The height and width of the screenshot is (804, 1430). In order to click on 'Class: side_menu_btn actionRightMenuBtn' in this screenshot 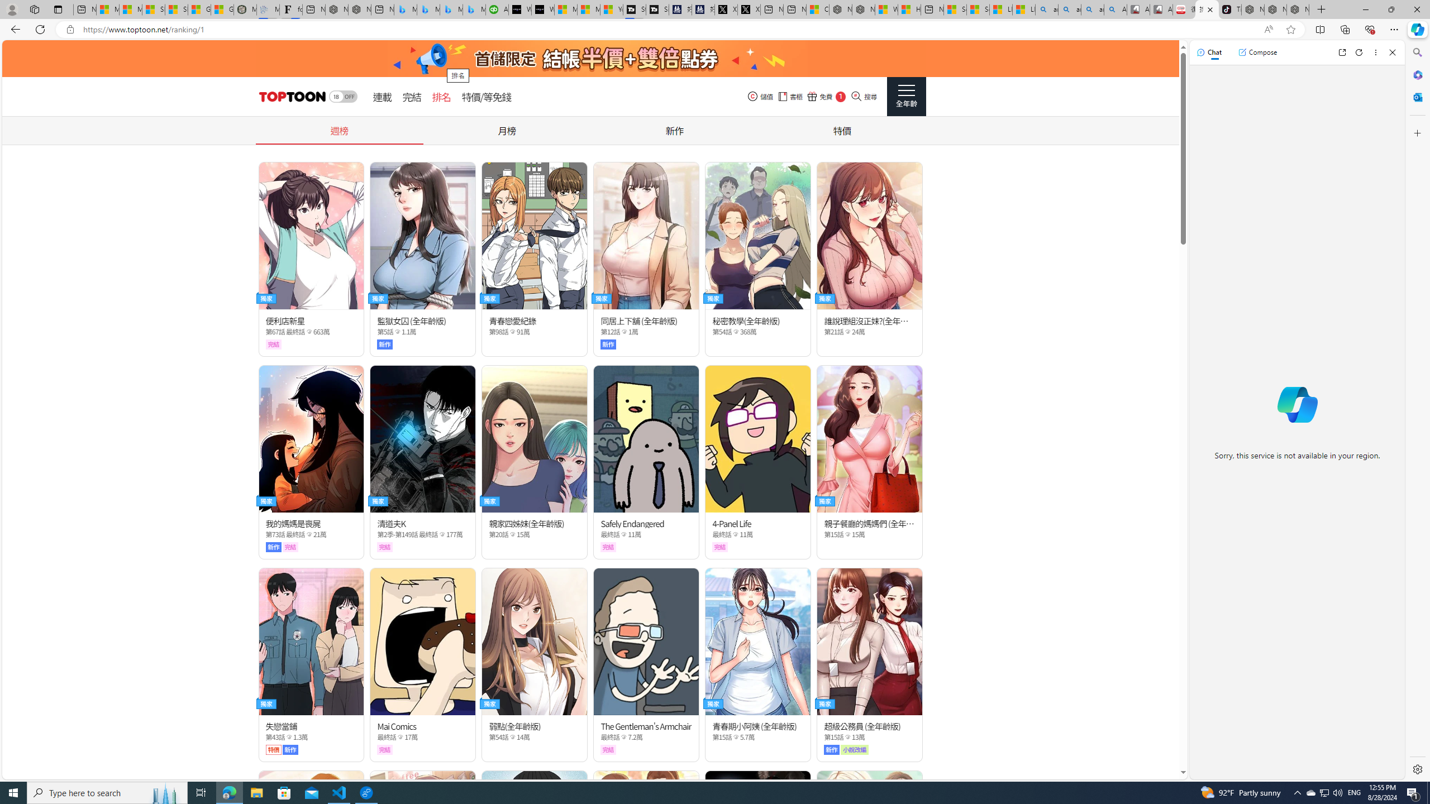, I will do `click(906, 96)`.